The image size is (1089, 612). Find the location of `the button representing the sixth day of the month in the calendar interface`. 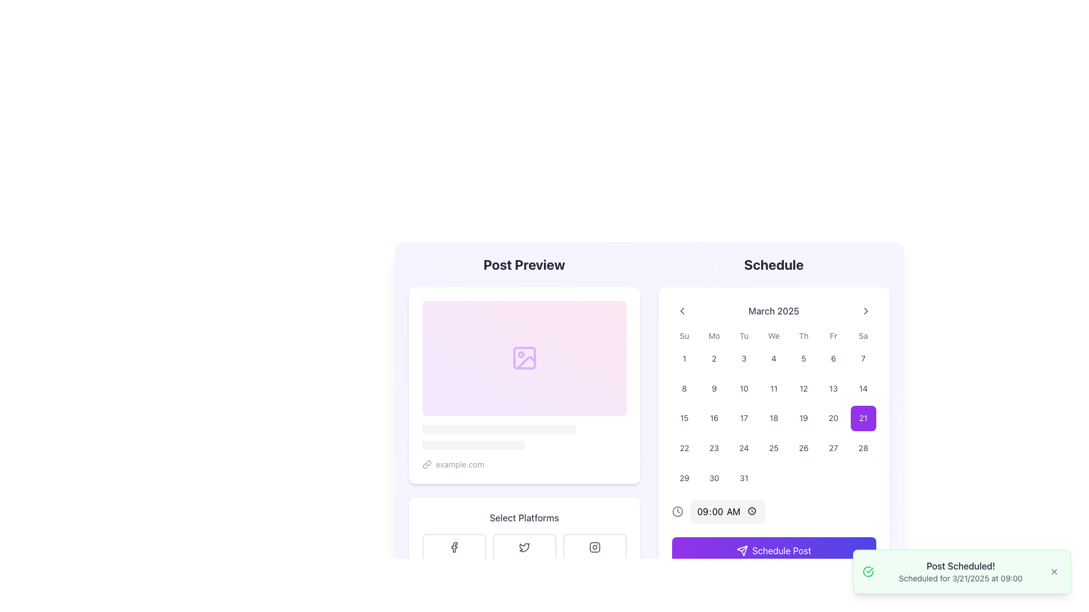

the button representing the sixth day of the month in the calendar interface is located at coordinates (833, 359).